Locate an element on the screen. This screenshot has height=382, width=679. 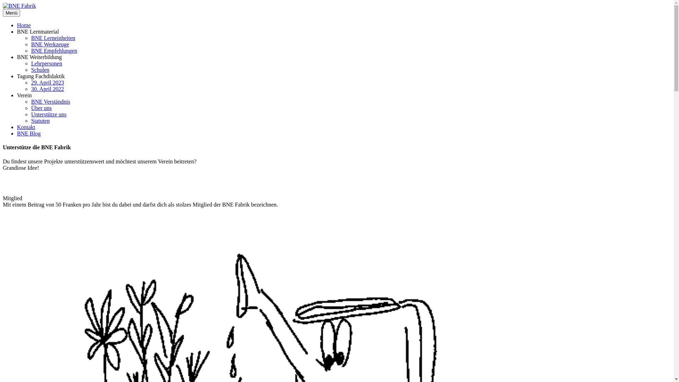
'29. April 2023' is located at coordinates (47, 82).